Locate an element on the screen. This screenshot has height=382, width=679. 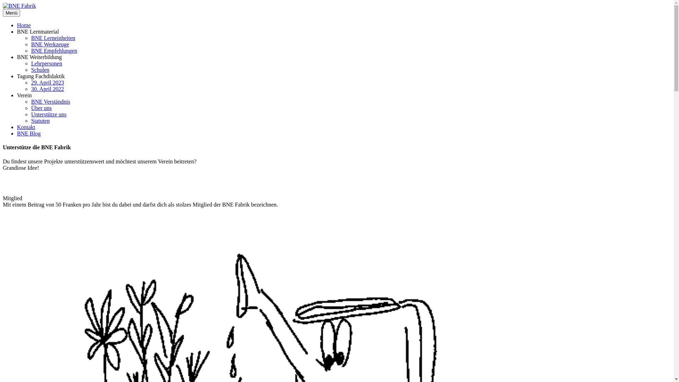
'29. April 2023' is located at coordinates (47, 82).